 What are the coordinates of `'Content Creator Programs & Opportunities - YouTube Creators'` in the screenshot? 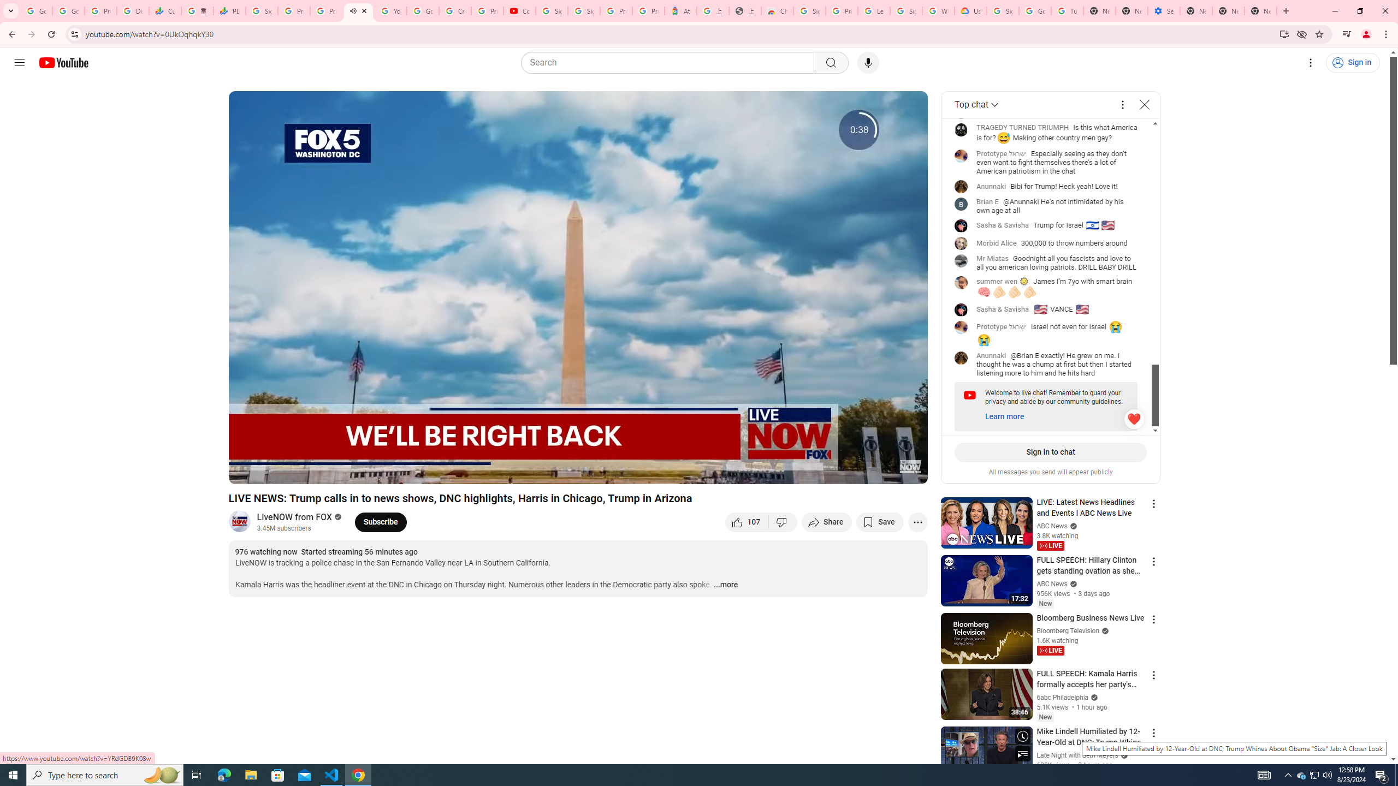 It's located at (519, 10).